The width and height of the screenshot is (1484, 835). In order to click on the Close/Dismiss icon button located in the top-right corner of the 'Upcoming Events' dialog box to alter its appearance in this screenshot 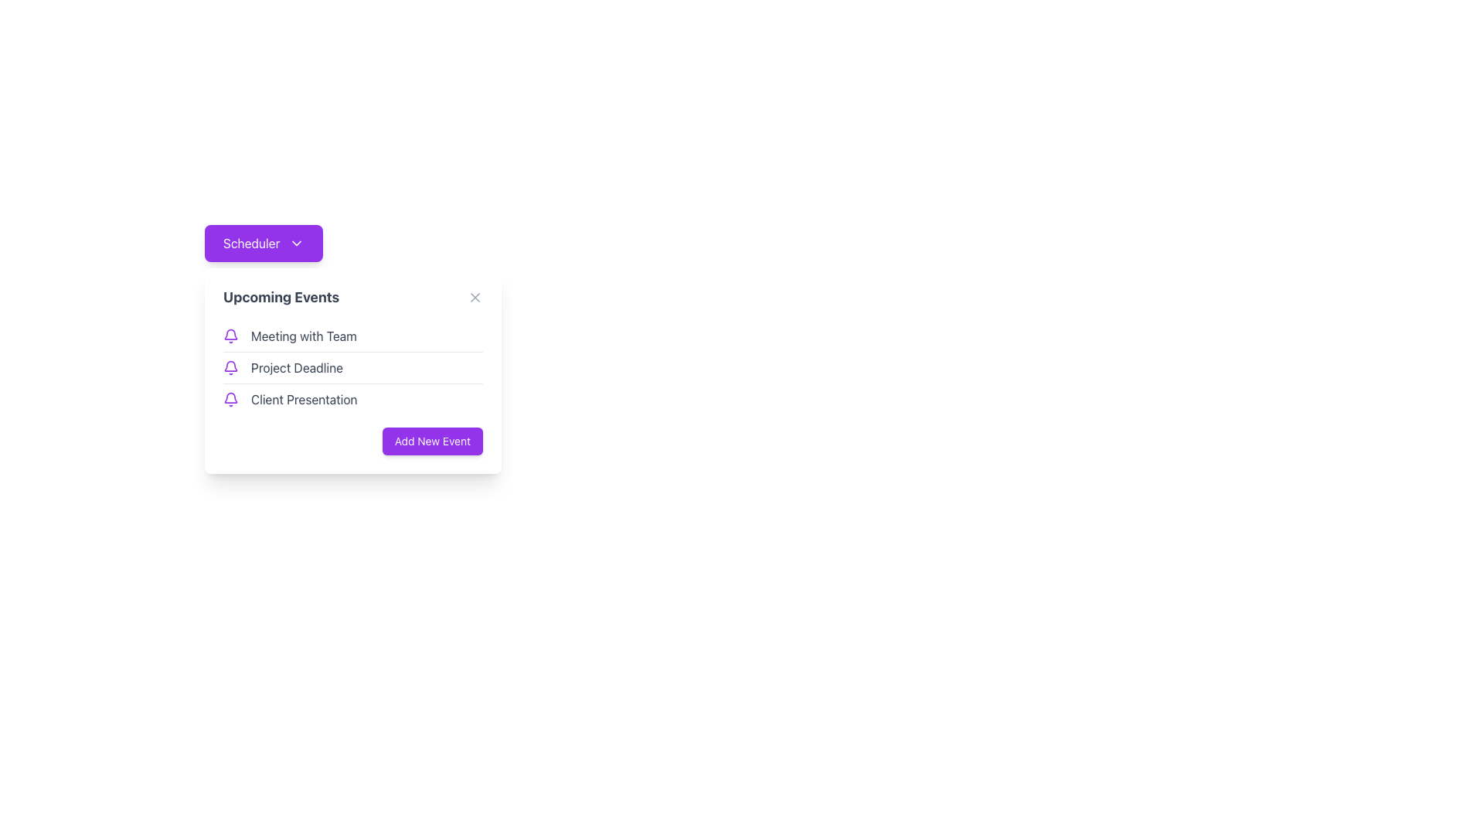, I will do `click(474, 298)`.